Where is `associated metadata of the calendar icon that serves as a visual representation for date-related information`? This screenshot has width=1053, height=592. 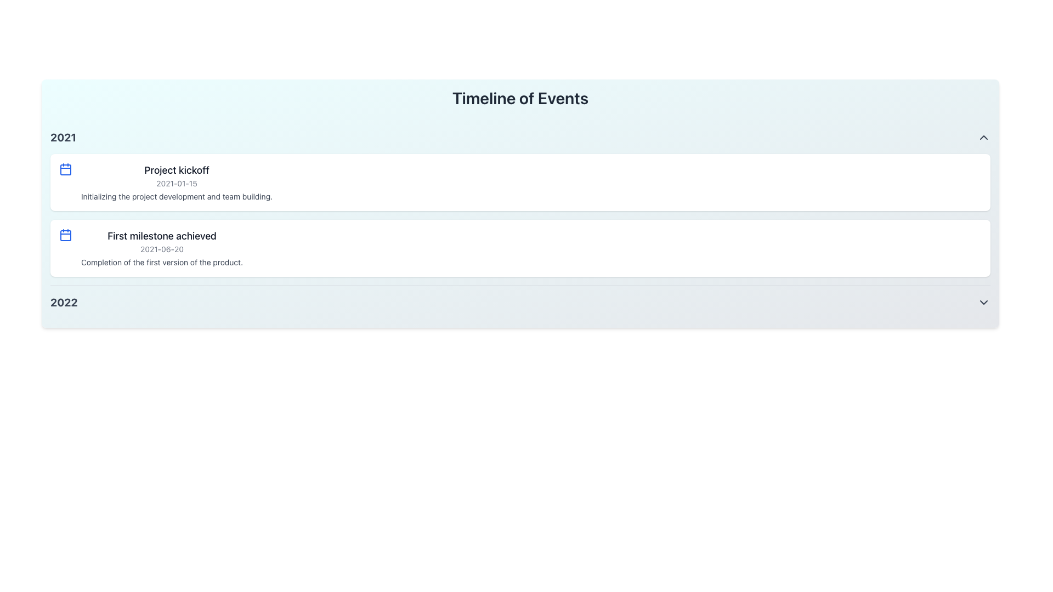
associated metadata of the calendar icon that serves as a visual representation for date-related information is located at coordinates (65, 235).